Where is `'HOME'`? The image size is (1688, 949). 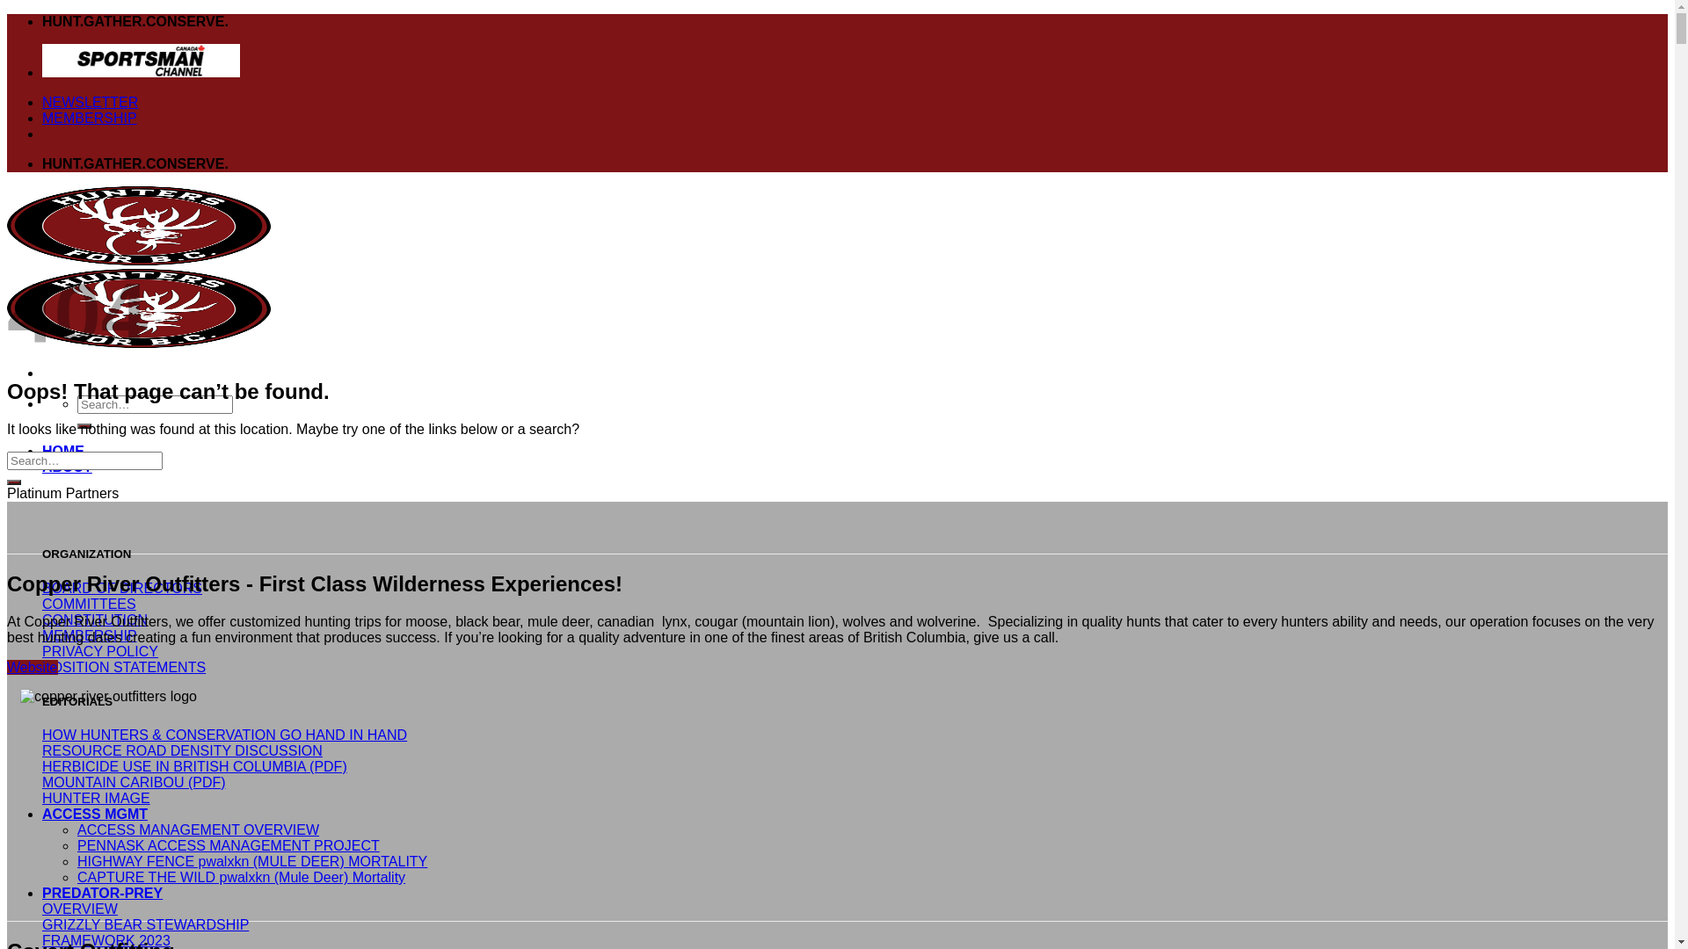
'HOME' is located at coordinates (63, 450).